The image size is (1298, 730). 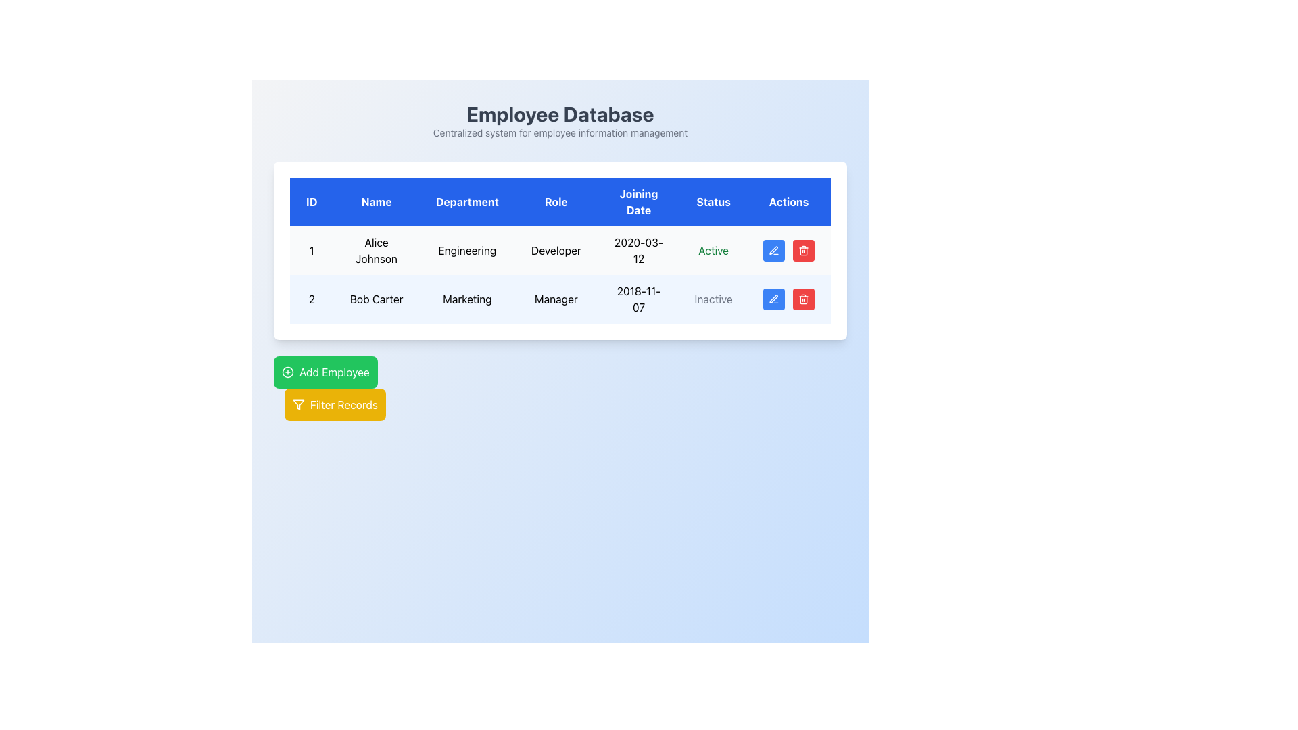 I want to click on the 'Add Employee' icon, which is the leftmost item in the green rectangular button labeled 'Add Employee', located in the lower left quadrant below the main table, so click(x=287, y=372).